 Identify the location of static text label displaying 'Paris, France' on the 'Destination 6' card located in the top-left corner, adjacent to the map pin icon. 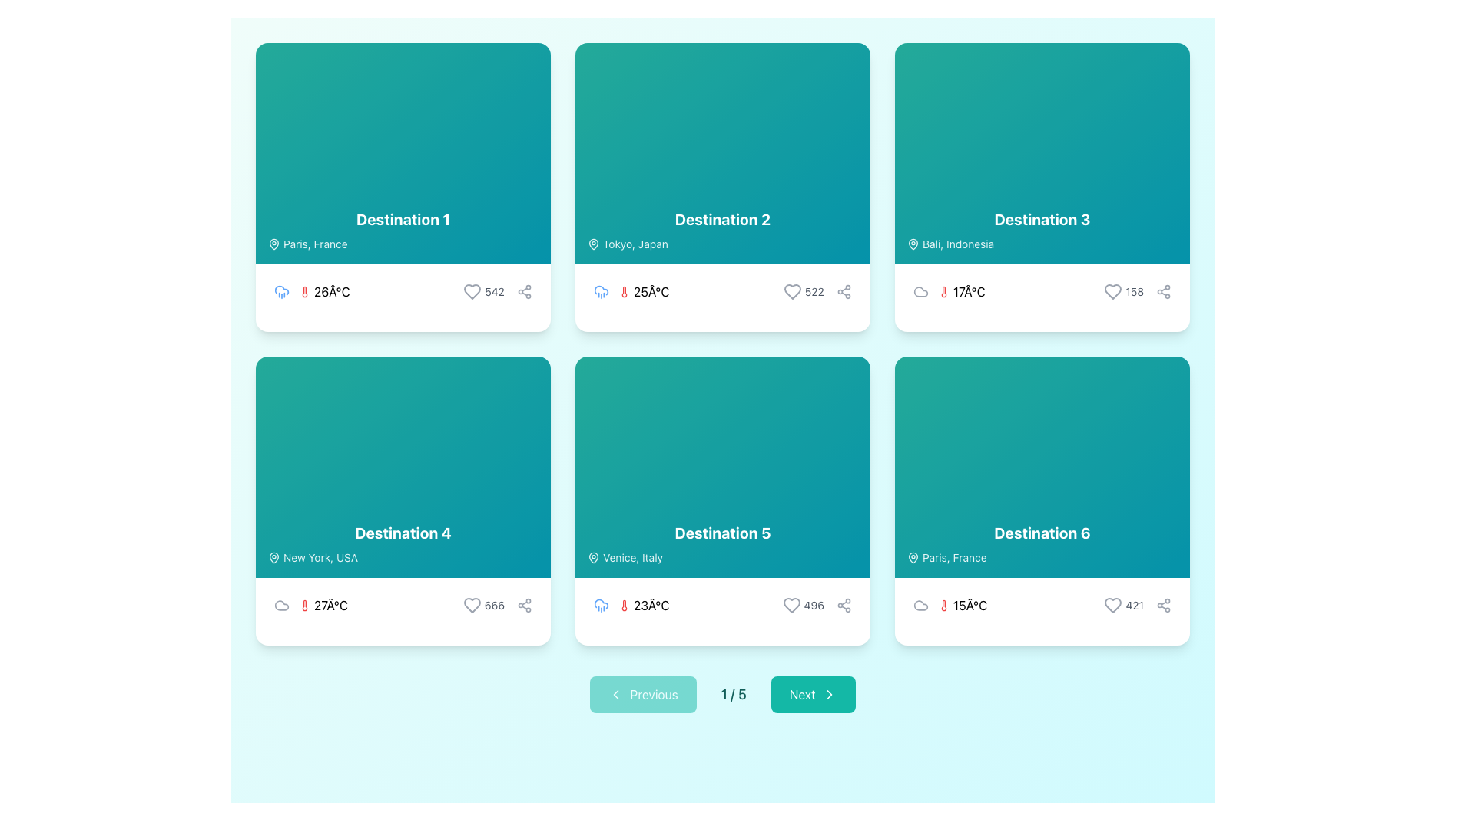
(953, 557).